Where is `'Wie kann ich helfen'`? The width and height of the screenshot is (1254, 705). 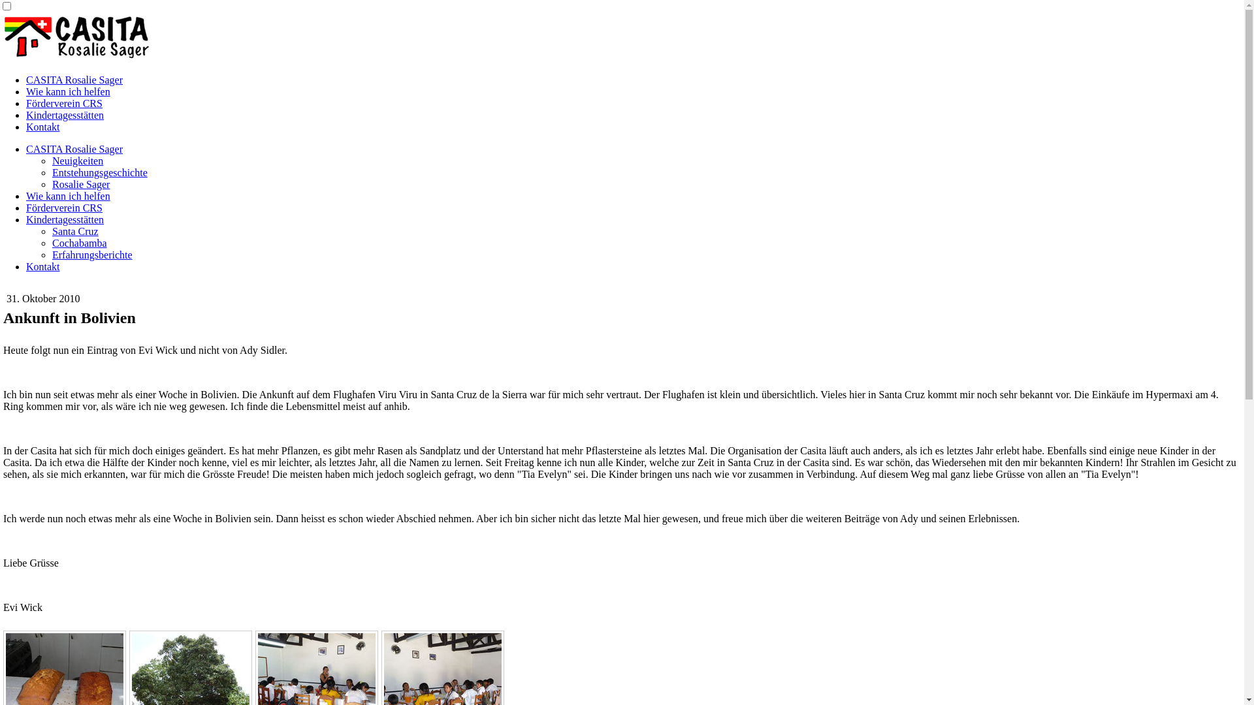
'Wie kann ich helfen' is located at coordinates (67, 91).